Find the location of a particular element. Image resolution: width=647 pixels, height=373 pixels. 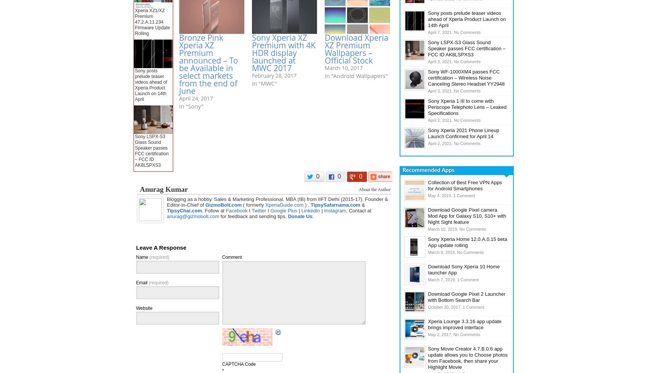

'Comment' is located at coordinates (231, 257).